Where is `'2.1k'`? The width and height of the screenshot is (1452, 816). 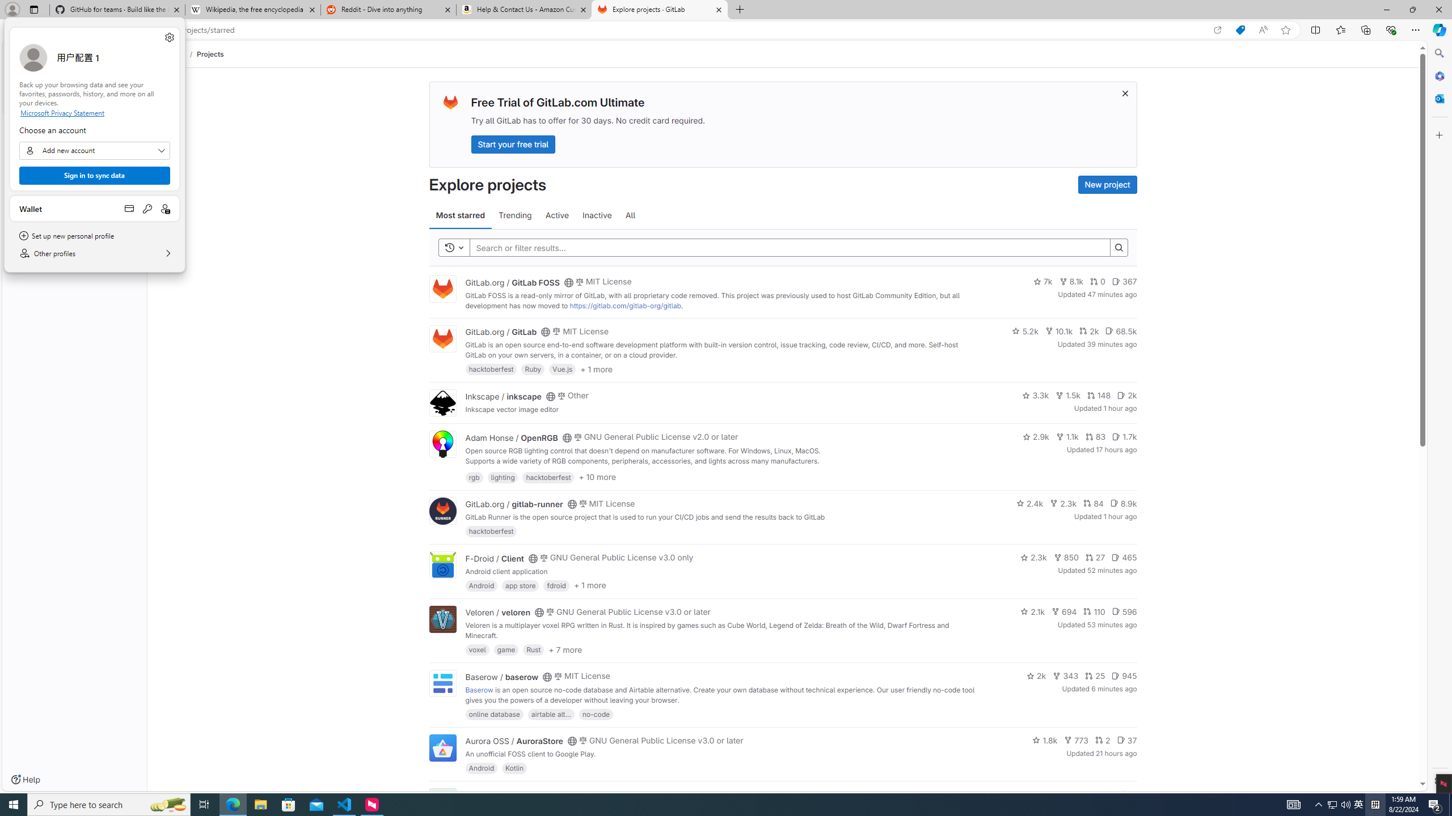
'2.1k' is located at coordinates (1033, 611).